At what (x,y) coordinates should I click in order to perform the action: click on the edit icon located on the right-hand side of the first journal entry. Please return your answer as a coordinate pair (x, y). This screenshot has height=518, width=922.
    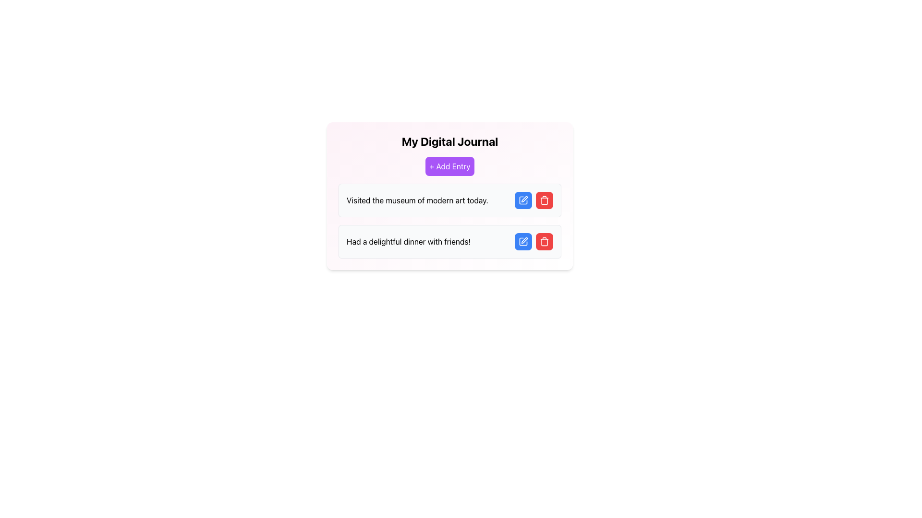
    Looking at the image, I should click on (524, 199).